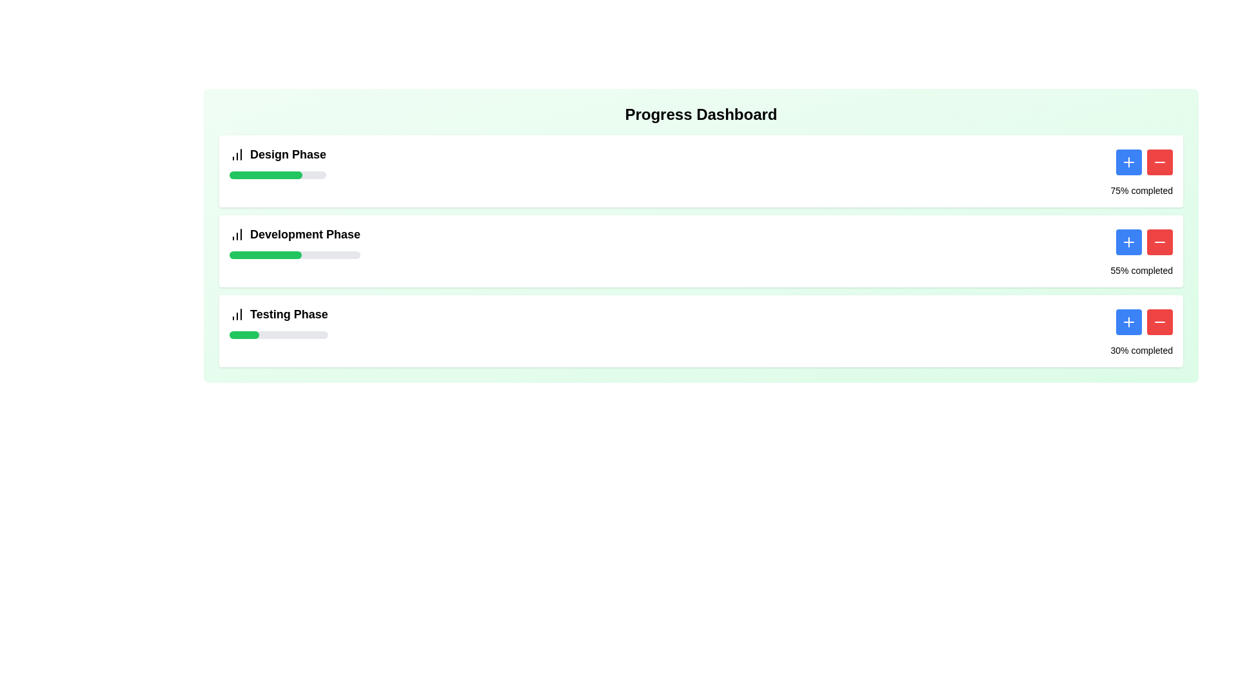 The width and height of the screenshot is (1238, 696). I want to click on the 'Testing Phase' text label with the accompanying column chart icon located in the bottom progress card of the 'Progress Dashboard', so click(278, 322).